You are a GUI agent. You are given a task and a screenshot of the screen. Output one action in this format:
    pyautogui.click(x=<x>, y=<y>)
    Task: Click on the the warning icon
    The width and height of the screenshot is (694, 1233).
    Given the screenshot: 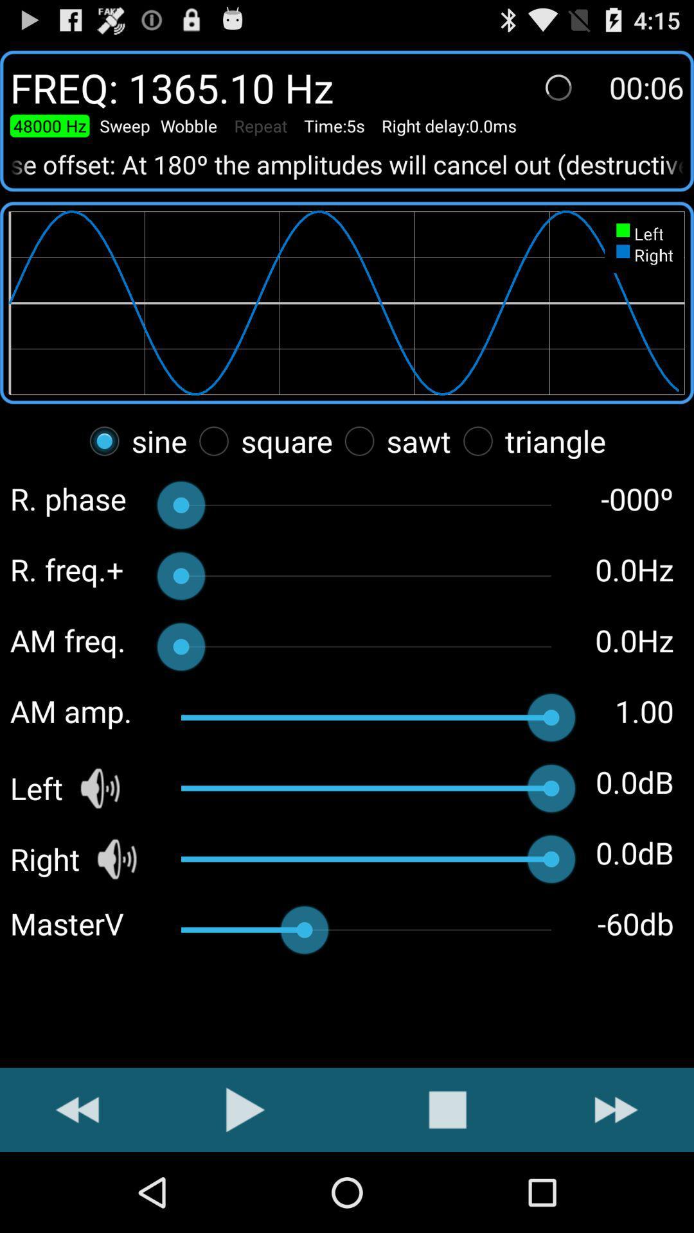 What is the action you would take?
    pyautogui.click(x=447, y=1187)
    